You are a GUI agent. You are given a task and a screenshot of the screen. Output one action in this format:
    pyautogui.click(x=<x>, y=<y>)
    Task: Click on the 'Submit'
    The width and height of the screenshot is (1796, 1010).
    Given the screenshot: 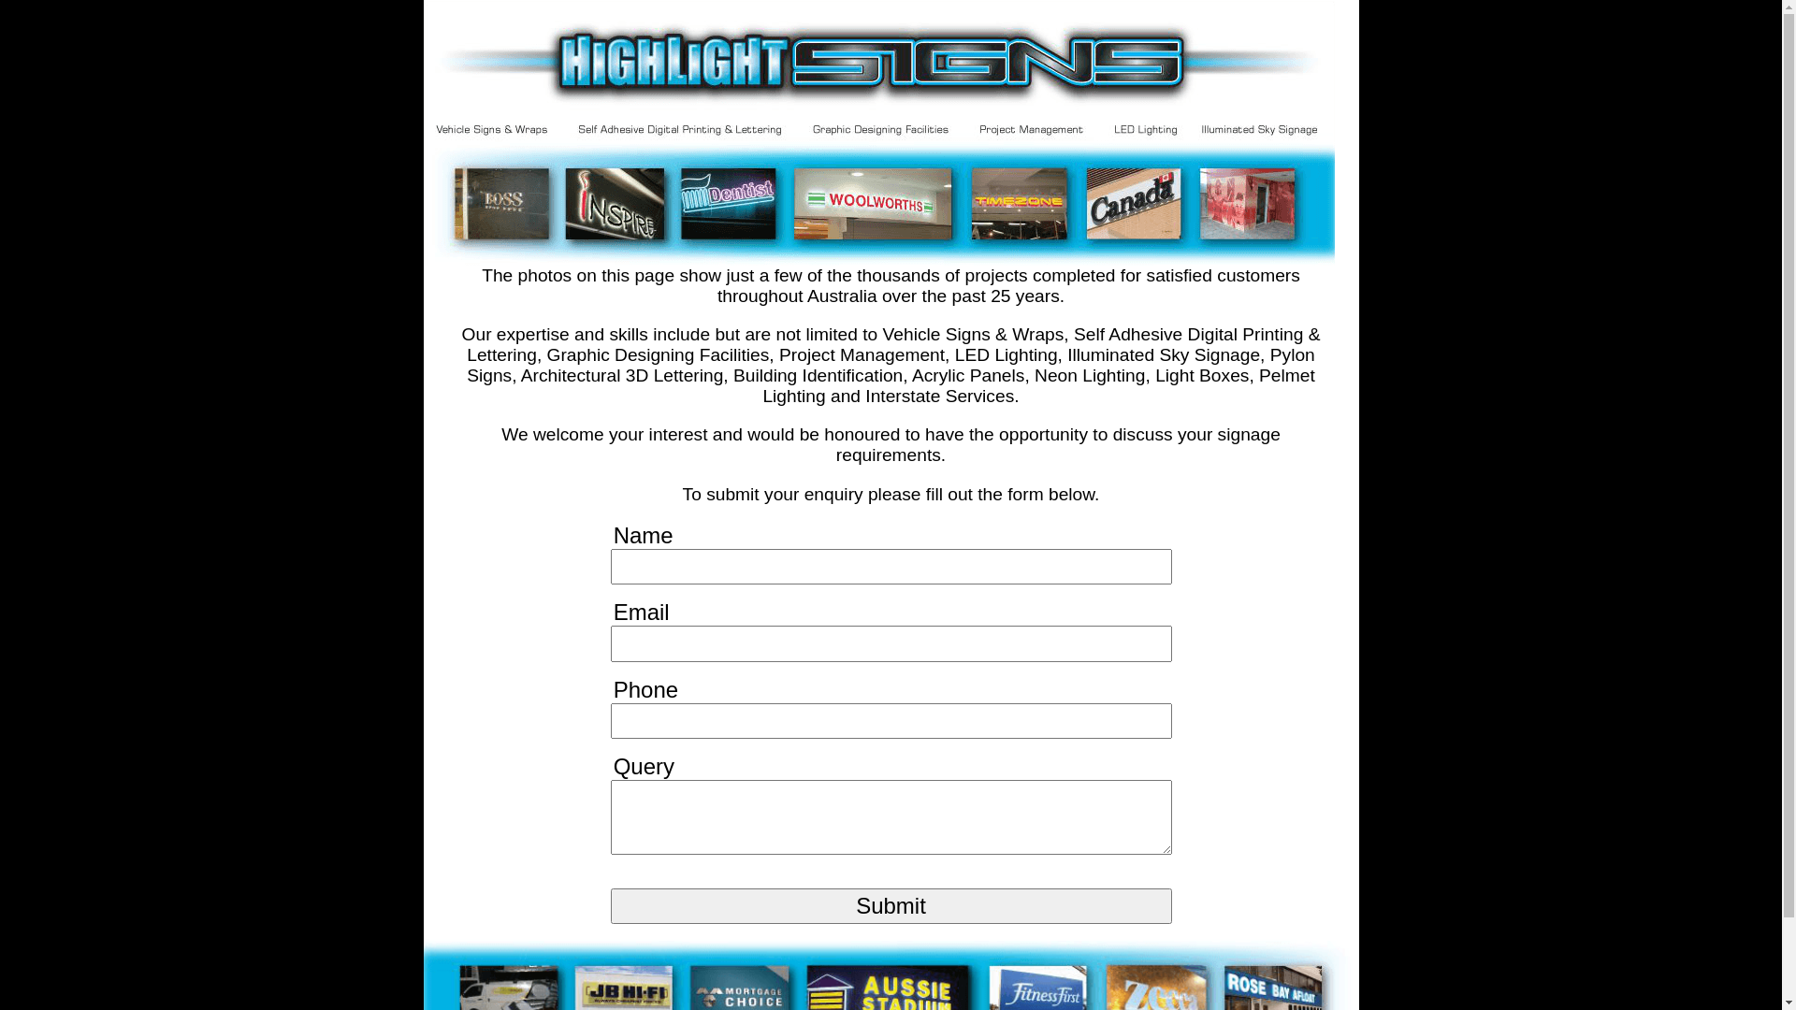 What is the action you would take?
    pyautogui.click(x=889, y=904)
    